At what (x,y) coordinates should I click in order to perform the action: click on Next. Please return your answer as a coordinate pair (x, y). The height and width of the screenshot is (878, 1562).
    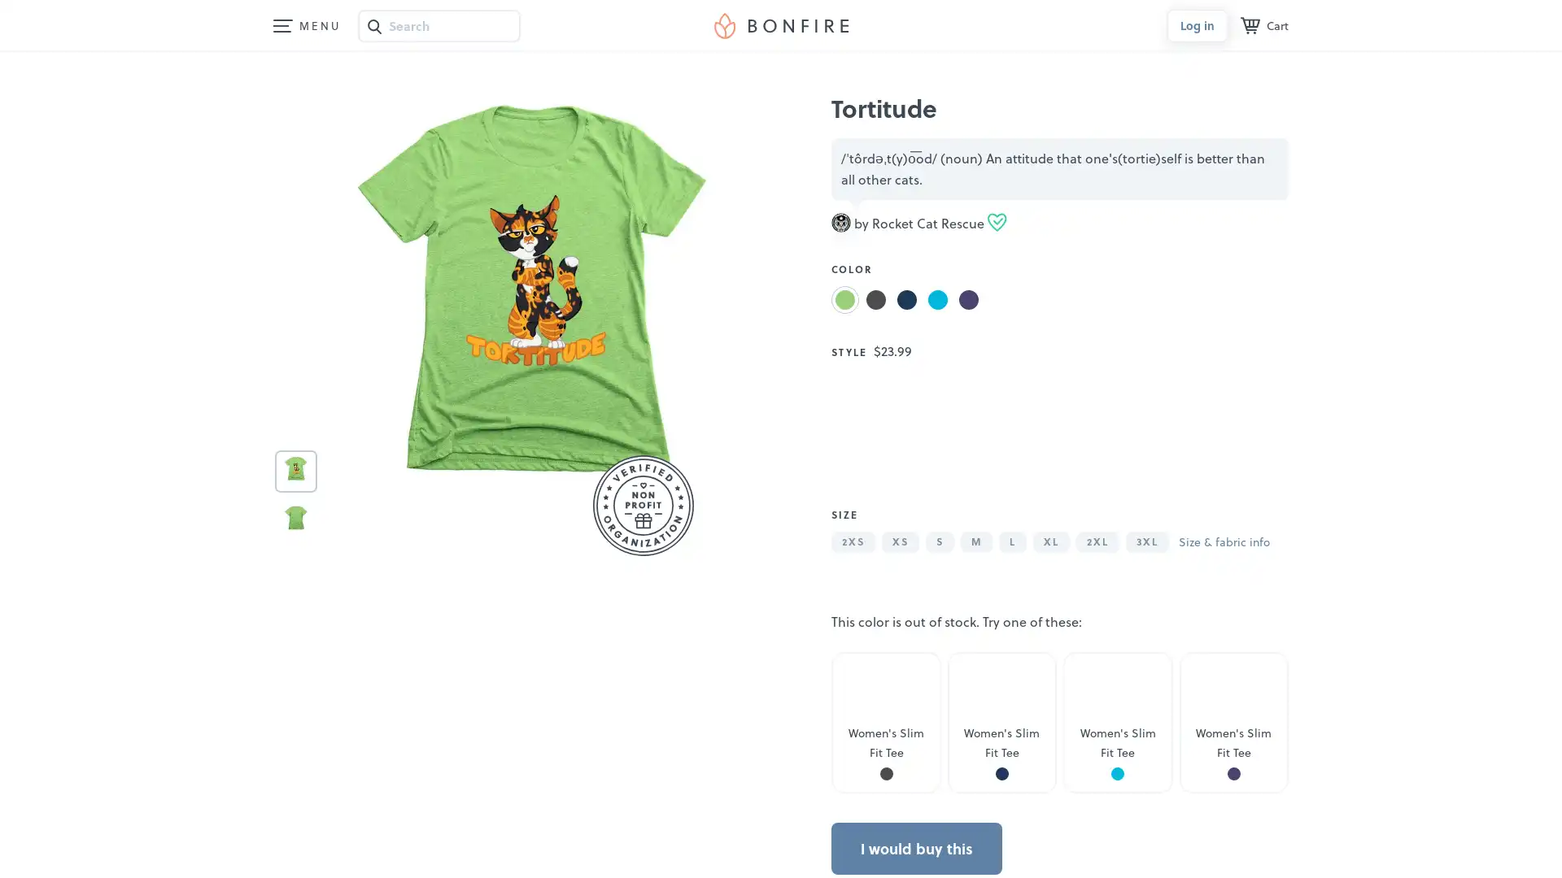
    Looking at the image, I should click on (1254, 435).